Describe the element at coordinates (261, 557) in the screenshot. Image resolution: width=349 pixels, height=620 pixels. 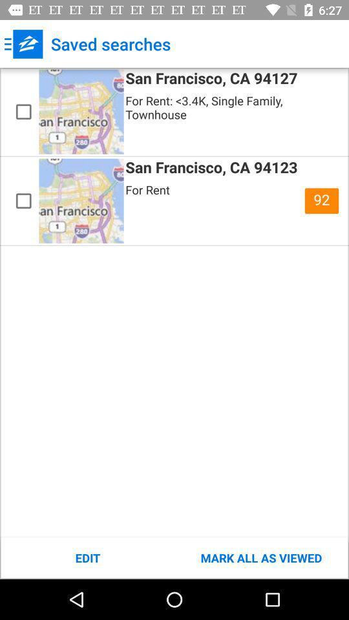
I see `the item at the bottom right corner` at that location.